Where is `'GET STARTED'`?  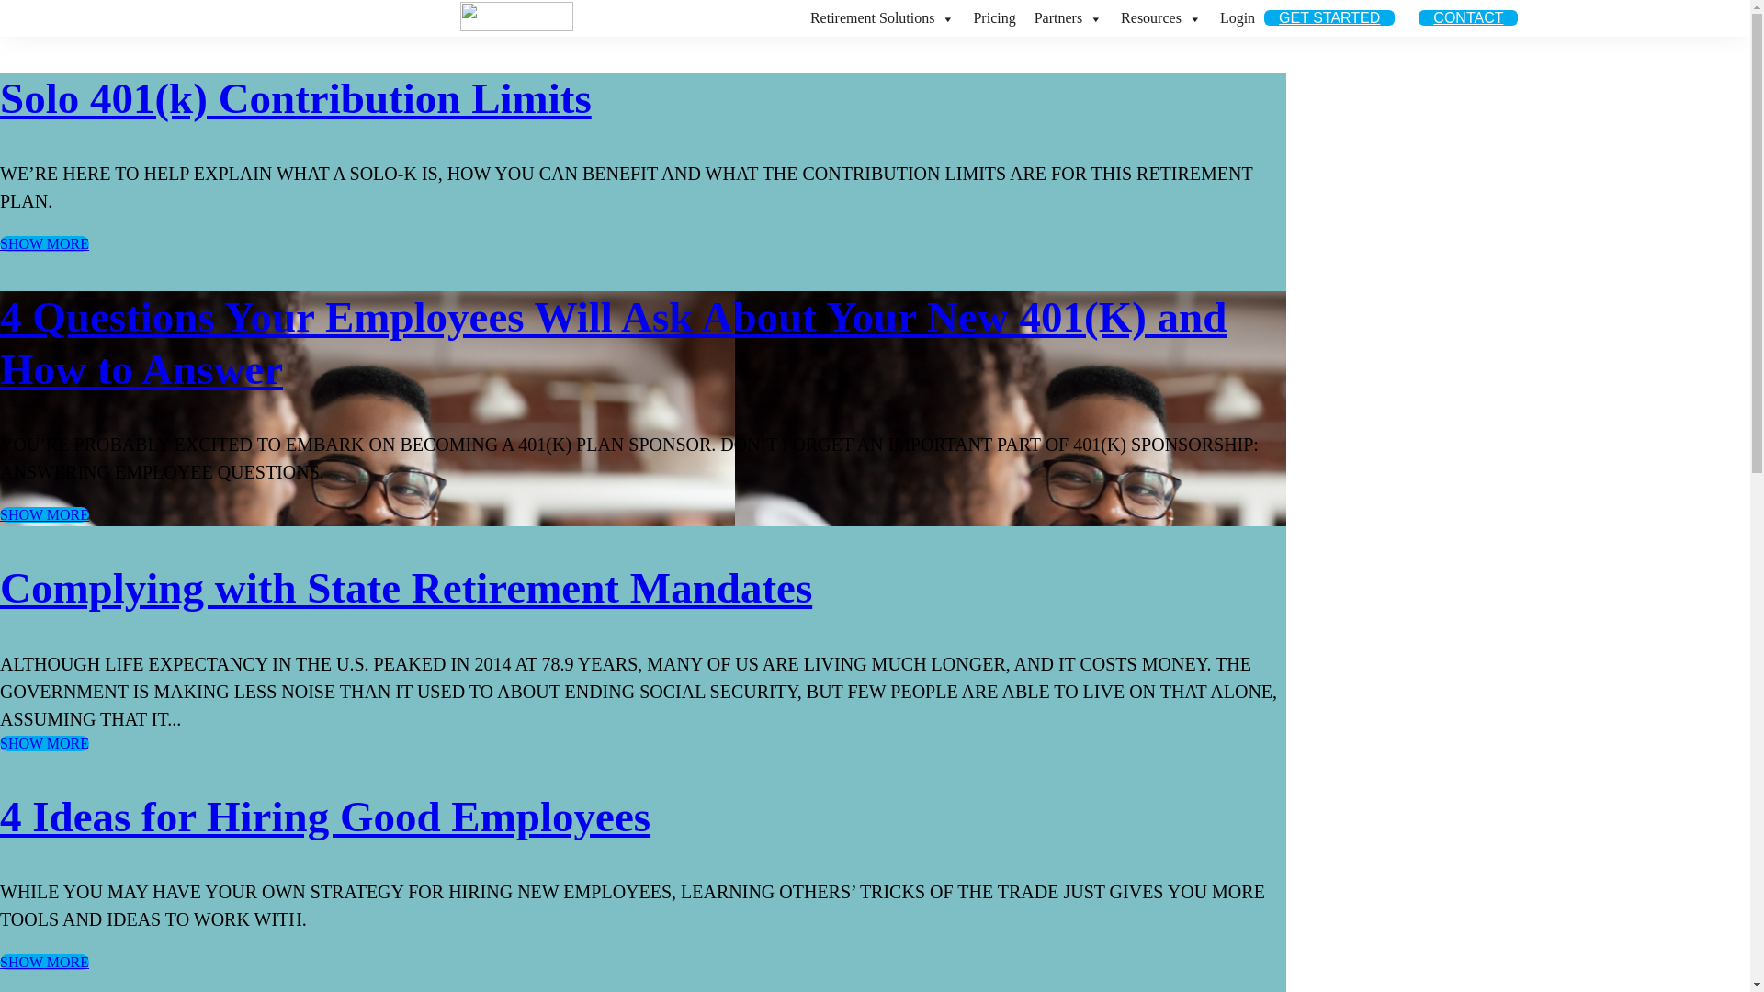
'GET STARTED' is located at coordinates (1263, 17).